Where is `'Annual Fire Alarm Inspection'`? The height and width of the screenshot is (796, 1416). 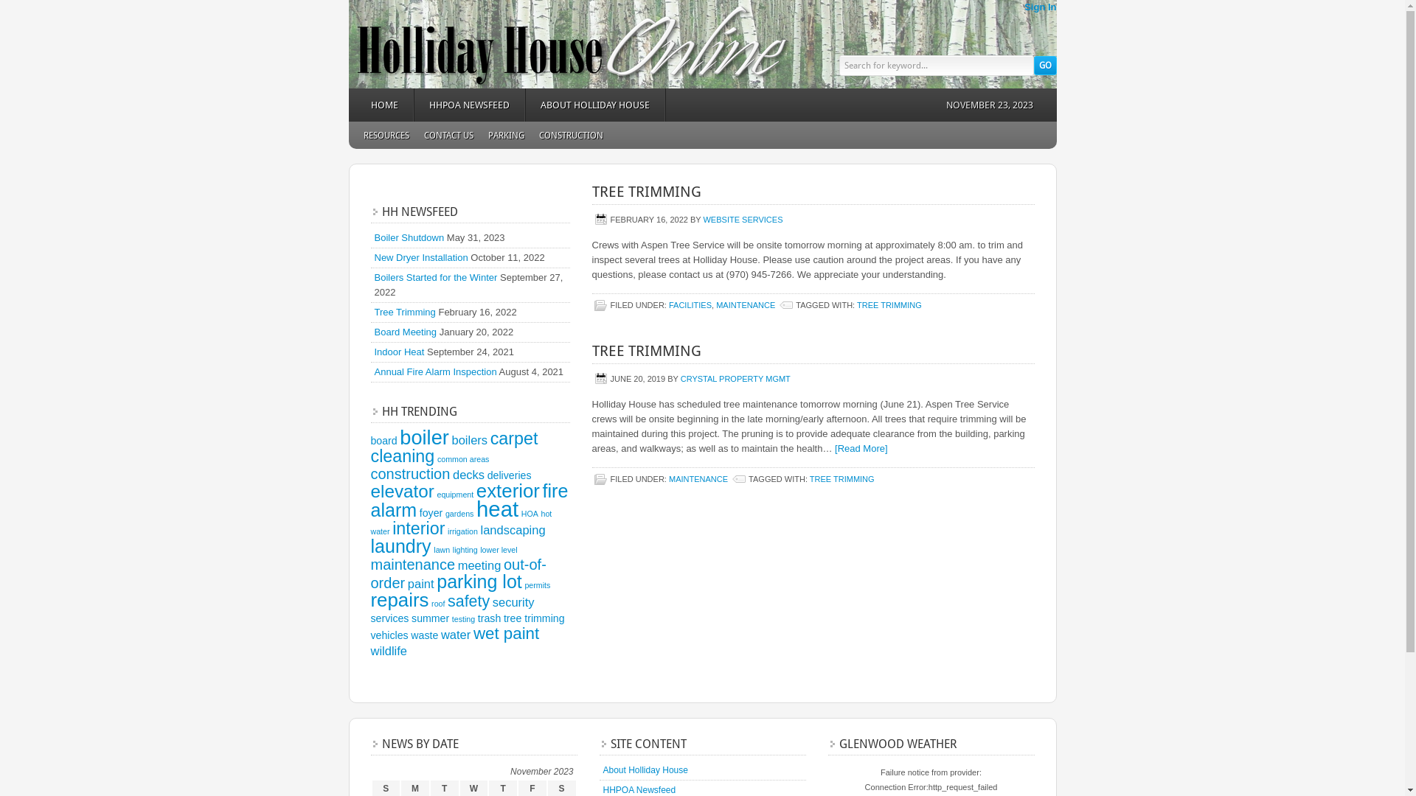
'Annual Fire Alarm Inspection' is located at coordinates (434, 371).